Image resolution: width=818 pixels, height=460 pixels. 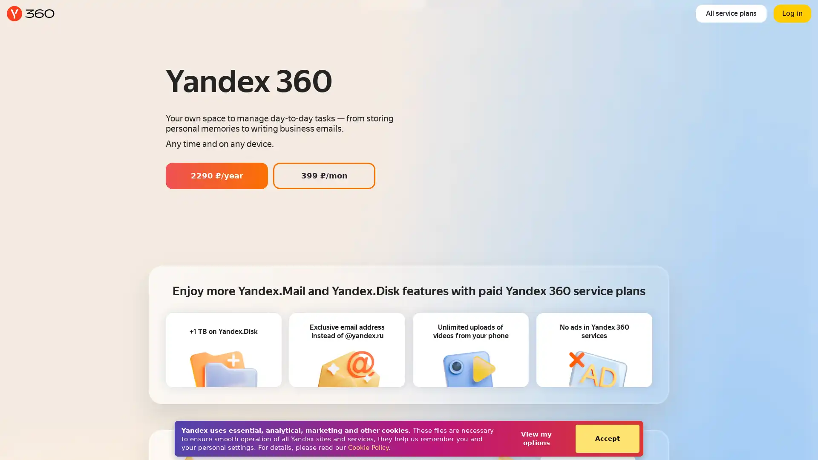 I want to click on View my options, so click(x=536, y=438).